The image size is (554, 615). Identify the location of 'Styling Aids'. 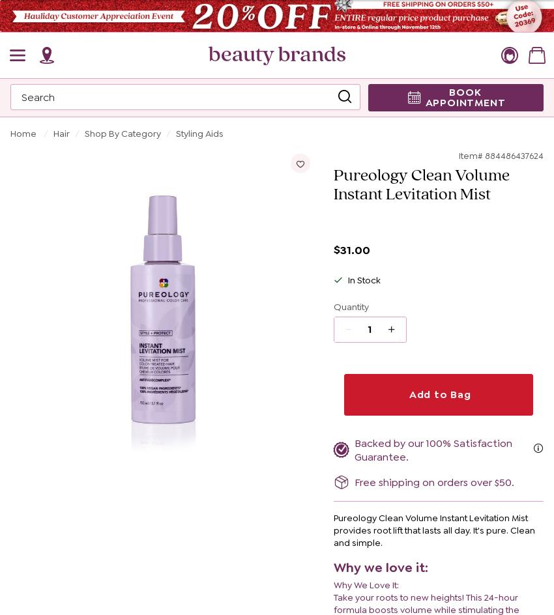
(199, 133).